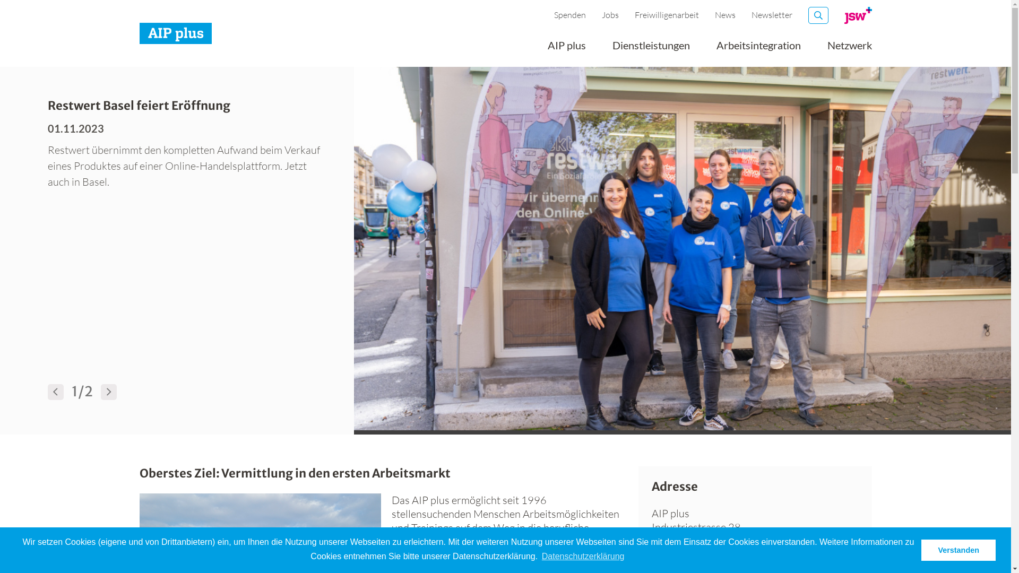 The image size is (1019, 573). What do you see at coordinates (848, 49) in the screenshot?
I see `'Netzwerk'` at bounding box center [848, 49].